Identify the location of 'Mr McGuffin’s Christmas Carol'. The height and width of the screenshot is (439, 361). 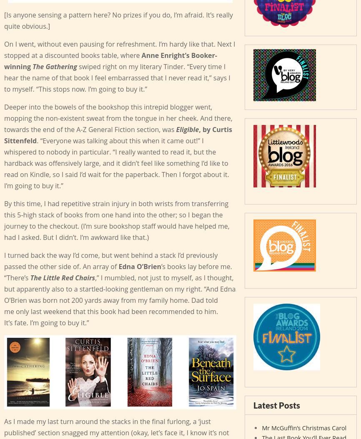
(303, 427).